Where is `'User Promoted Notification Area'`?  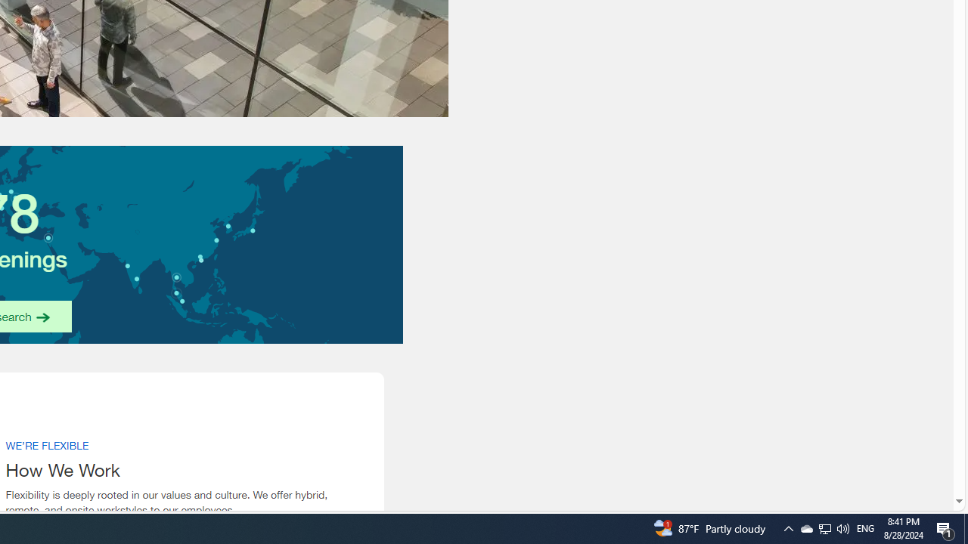 'User Promoted Notification Area' is located at coordinates (824, 527).